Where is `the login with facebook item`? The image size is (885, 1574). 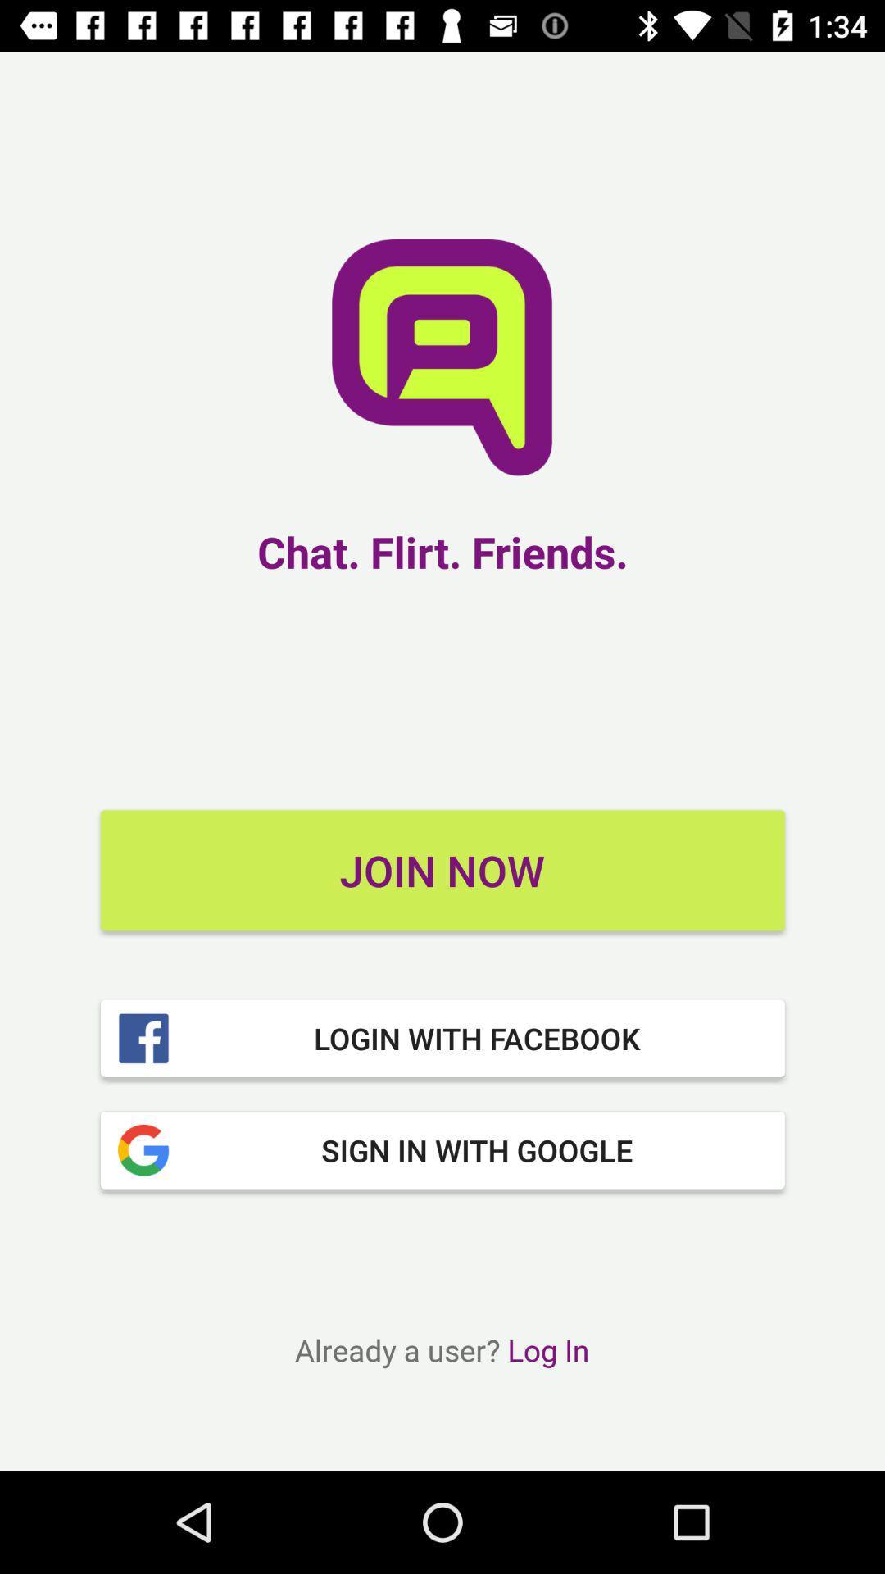
the login with facebook item is located at coordinates (442, 1037).